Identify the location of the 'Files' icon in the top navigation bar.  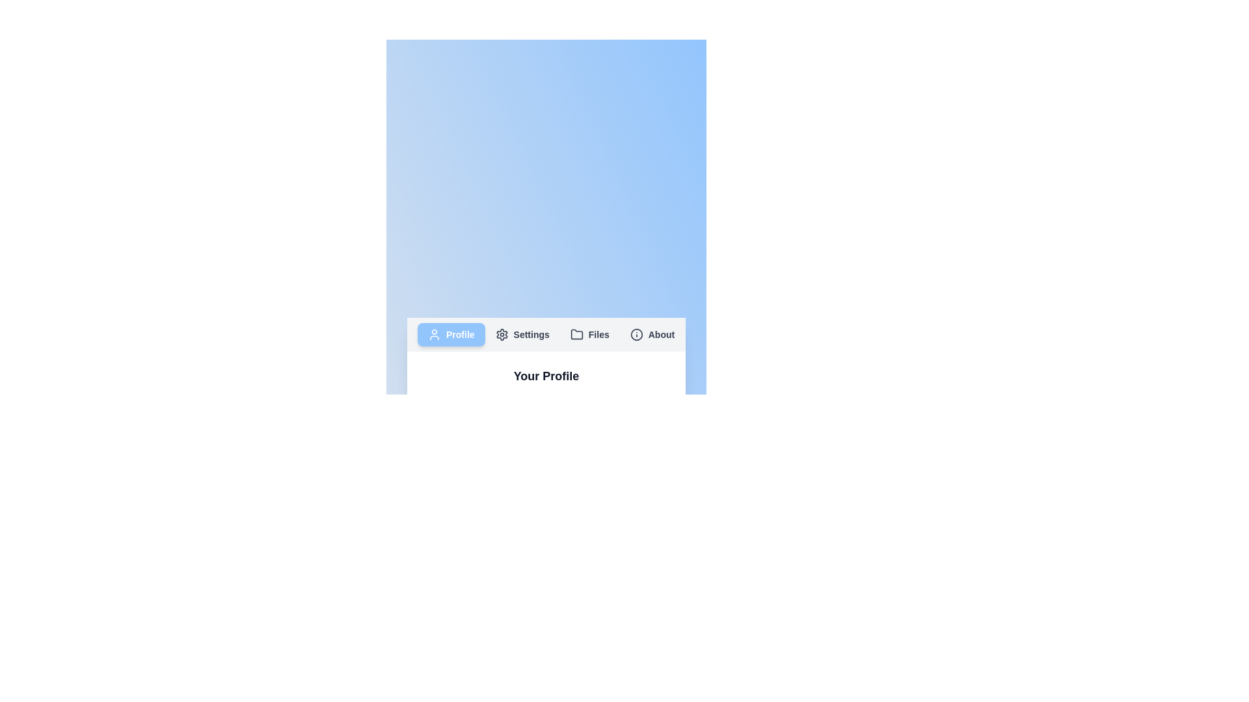
(576, 333).